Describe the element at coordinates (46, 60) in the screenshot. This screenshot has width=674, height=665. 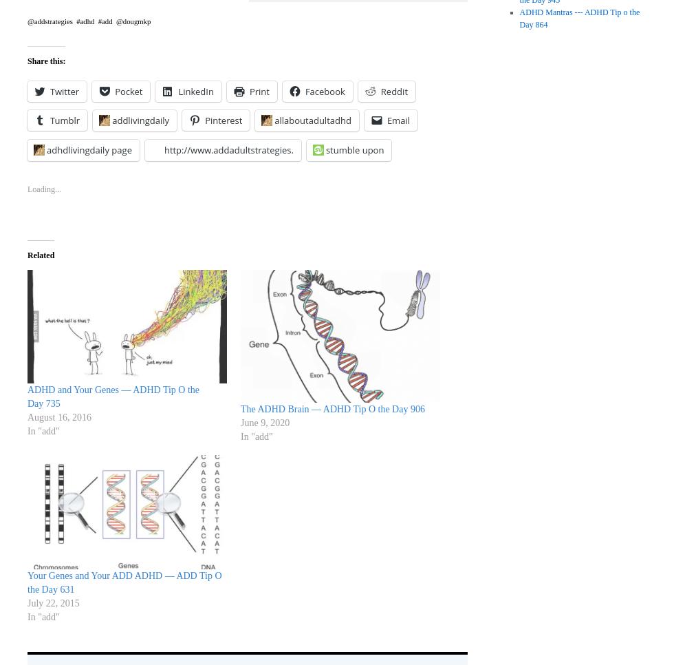
I see `'Share this:'` at that location.